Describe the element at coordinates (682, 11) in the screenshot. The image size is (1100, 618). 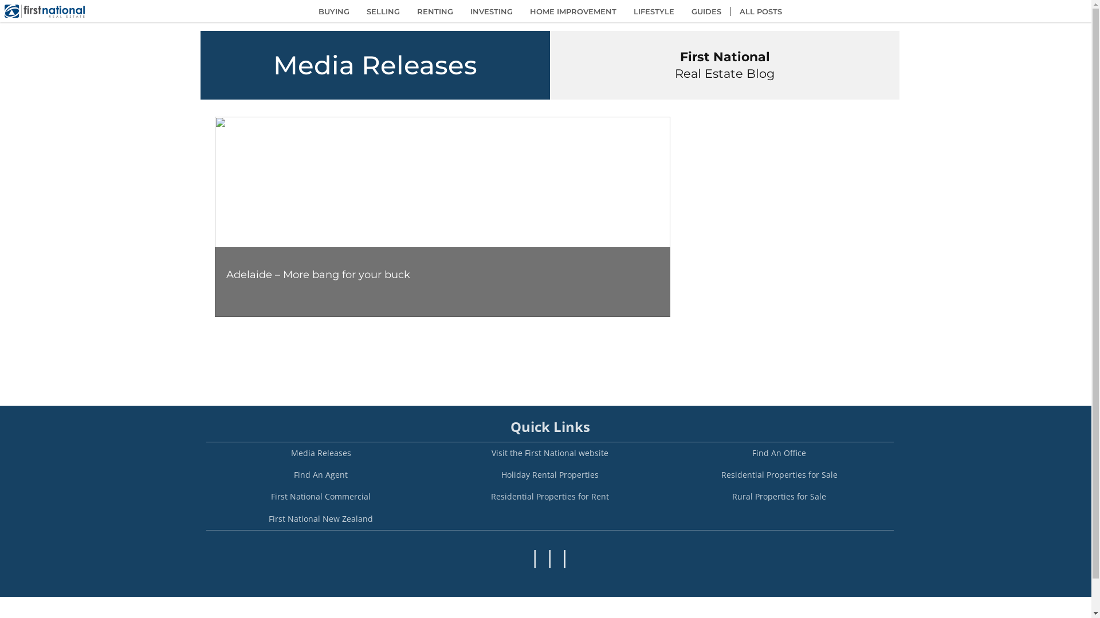
I see `'GUIDES'` at that location.